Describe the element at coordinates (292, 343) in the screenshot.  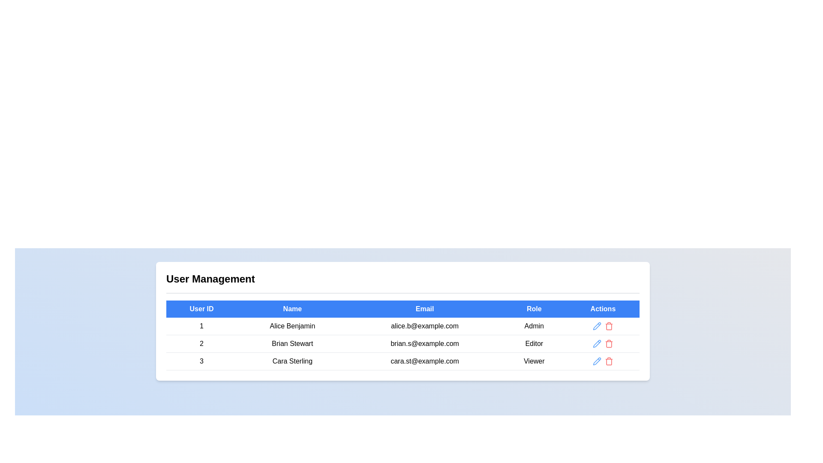
I see `the text element displaying 'Brian Stewart', which is centrally aligned in the 'Name' column of the table row associated with user ID '2'` at that location.